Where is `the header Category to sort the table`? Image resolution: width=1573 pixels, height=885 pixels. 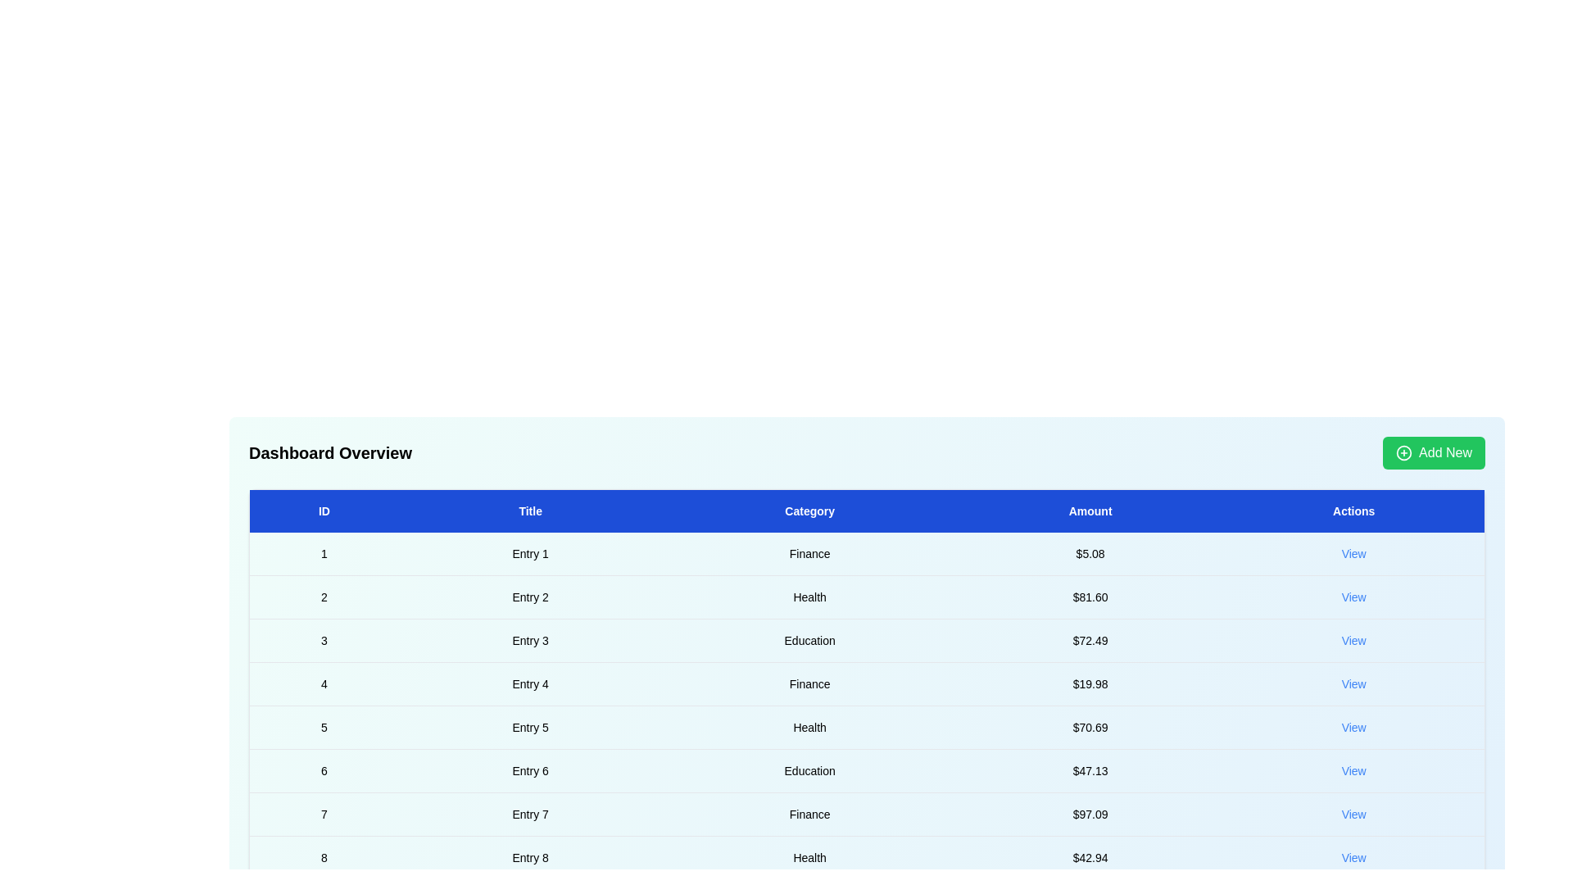 the header Category to sort the table is located at coordinates (809, 511).